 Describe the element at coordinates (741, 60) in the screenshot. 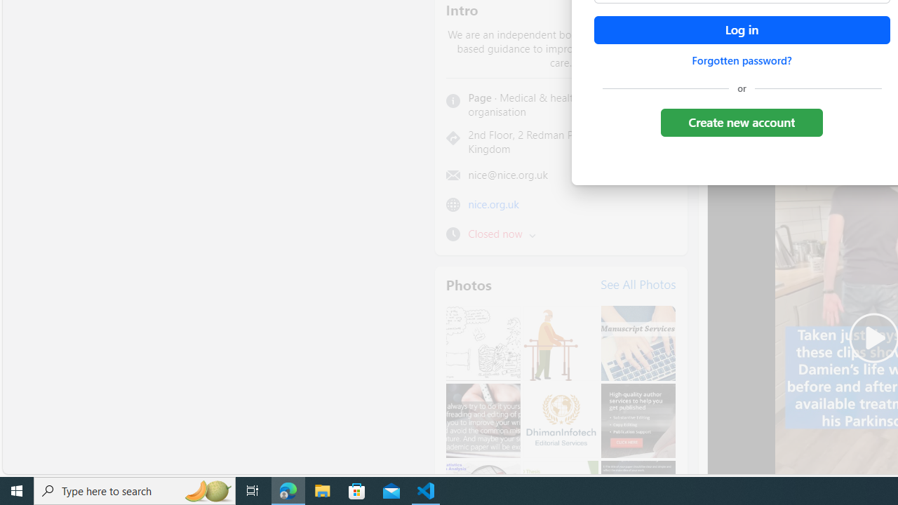

I see `'Forgotten password?'` at that location.